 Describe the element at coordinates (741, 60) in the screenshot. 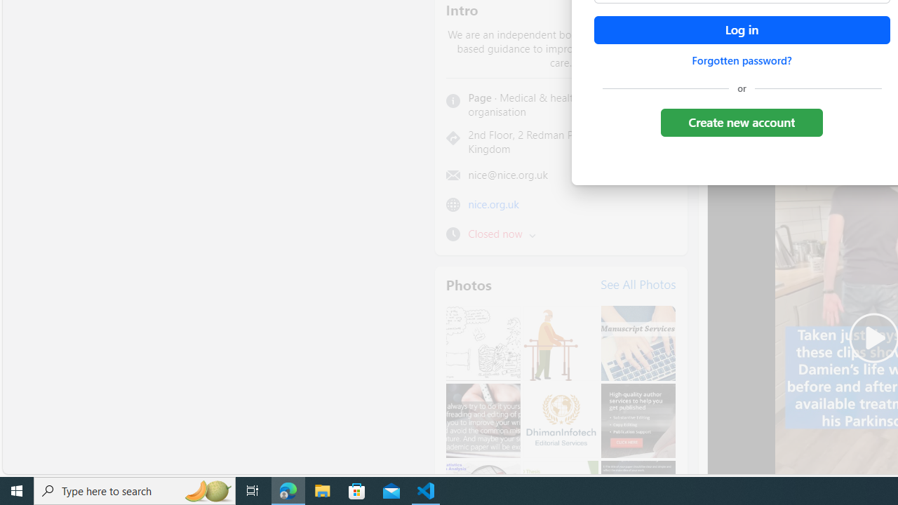

I see `'Forgotten password?'` at that location.